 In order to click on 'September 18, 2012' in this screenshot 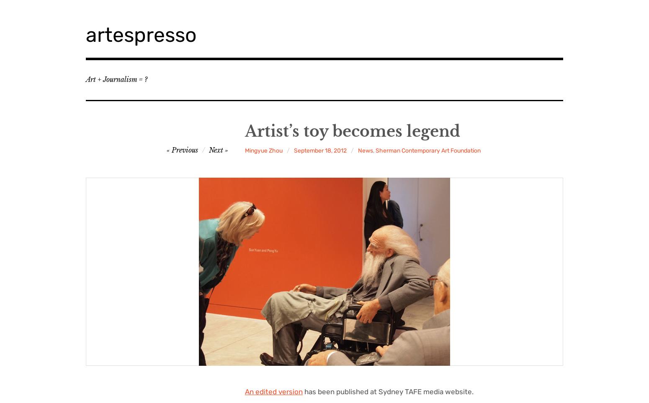, I will do `click(294, 150)`.